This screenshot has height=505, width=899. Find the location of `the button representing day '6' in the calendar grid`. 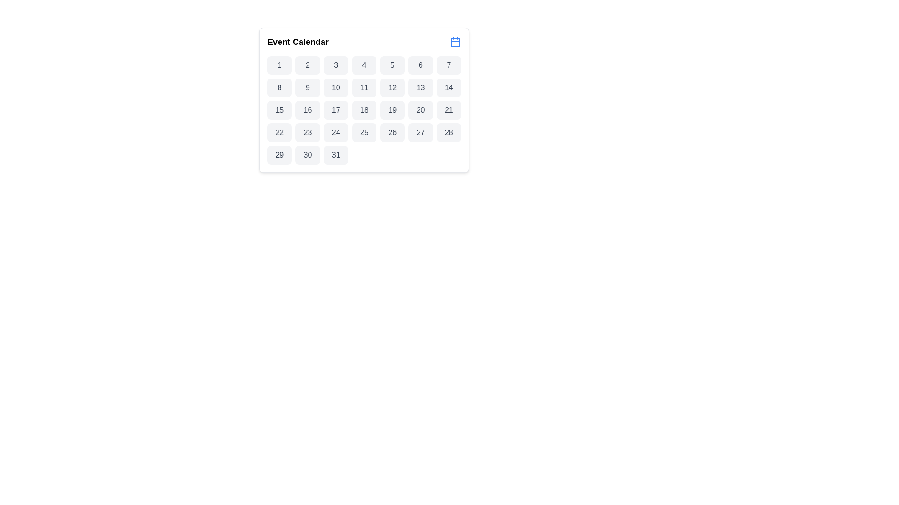

the button representing day '6' in the calendar grid is located at coordinates (420, 65).